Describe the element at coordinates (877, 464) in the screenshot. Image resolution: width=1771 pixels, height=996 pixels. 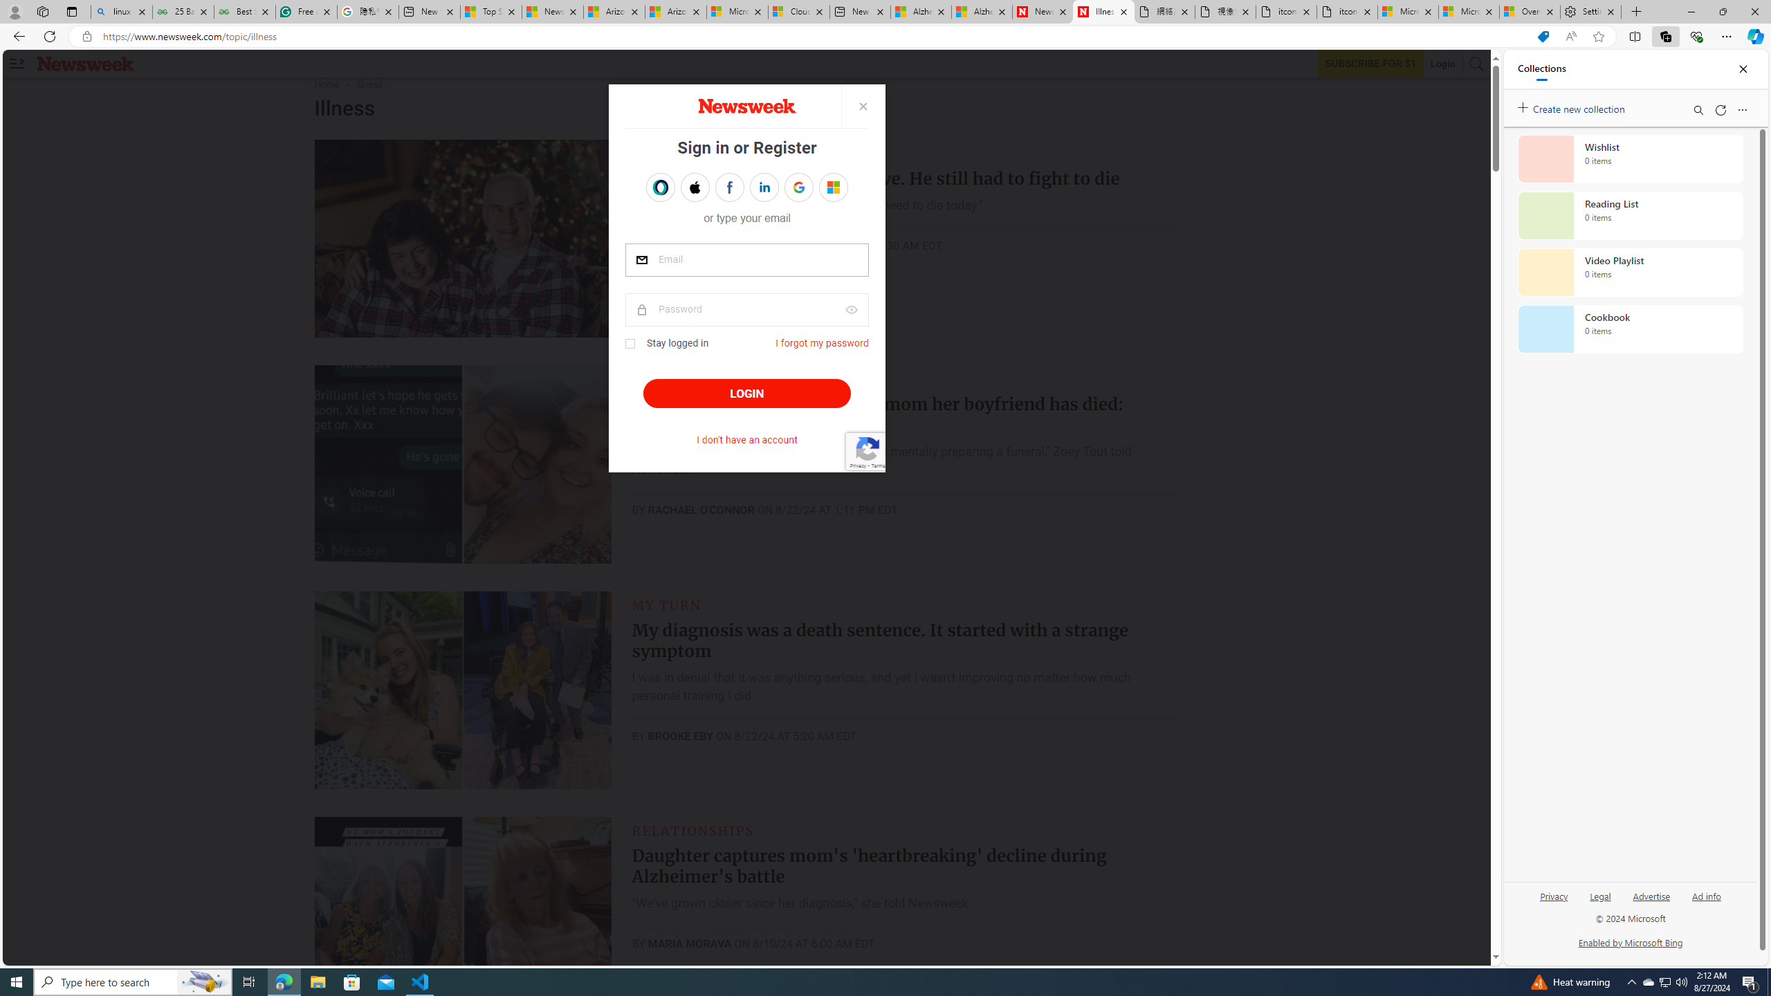
I see `'Terms'` at that location.